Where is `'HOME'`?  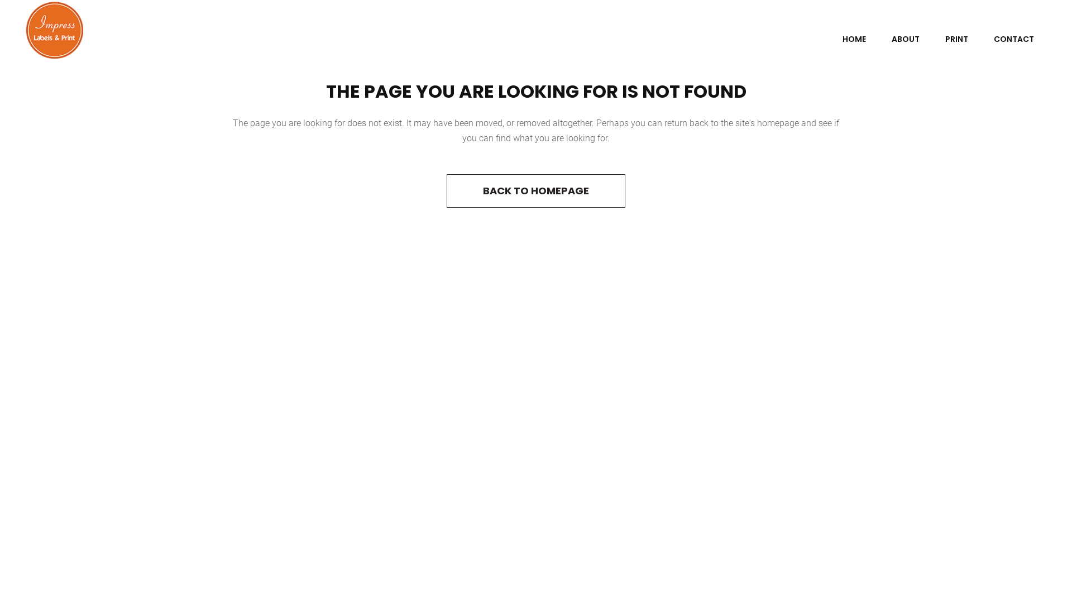
'HOME' is located at coordinates (854, 38).